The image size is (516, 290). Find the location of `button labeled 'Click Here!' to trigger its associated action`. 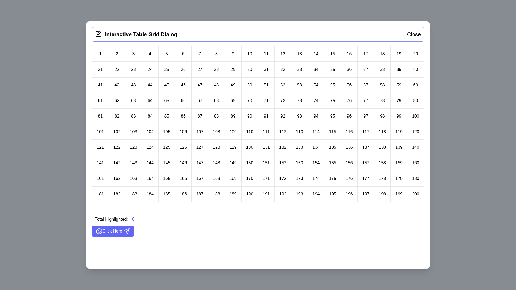

button labeled 'Click Here!' to trigger its associated action is located at coordinates (113, 231).